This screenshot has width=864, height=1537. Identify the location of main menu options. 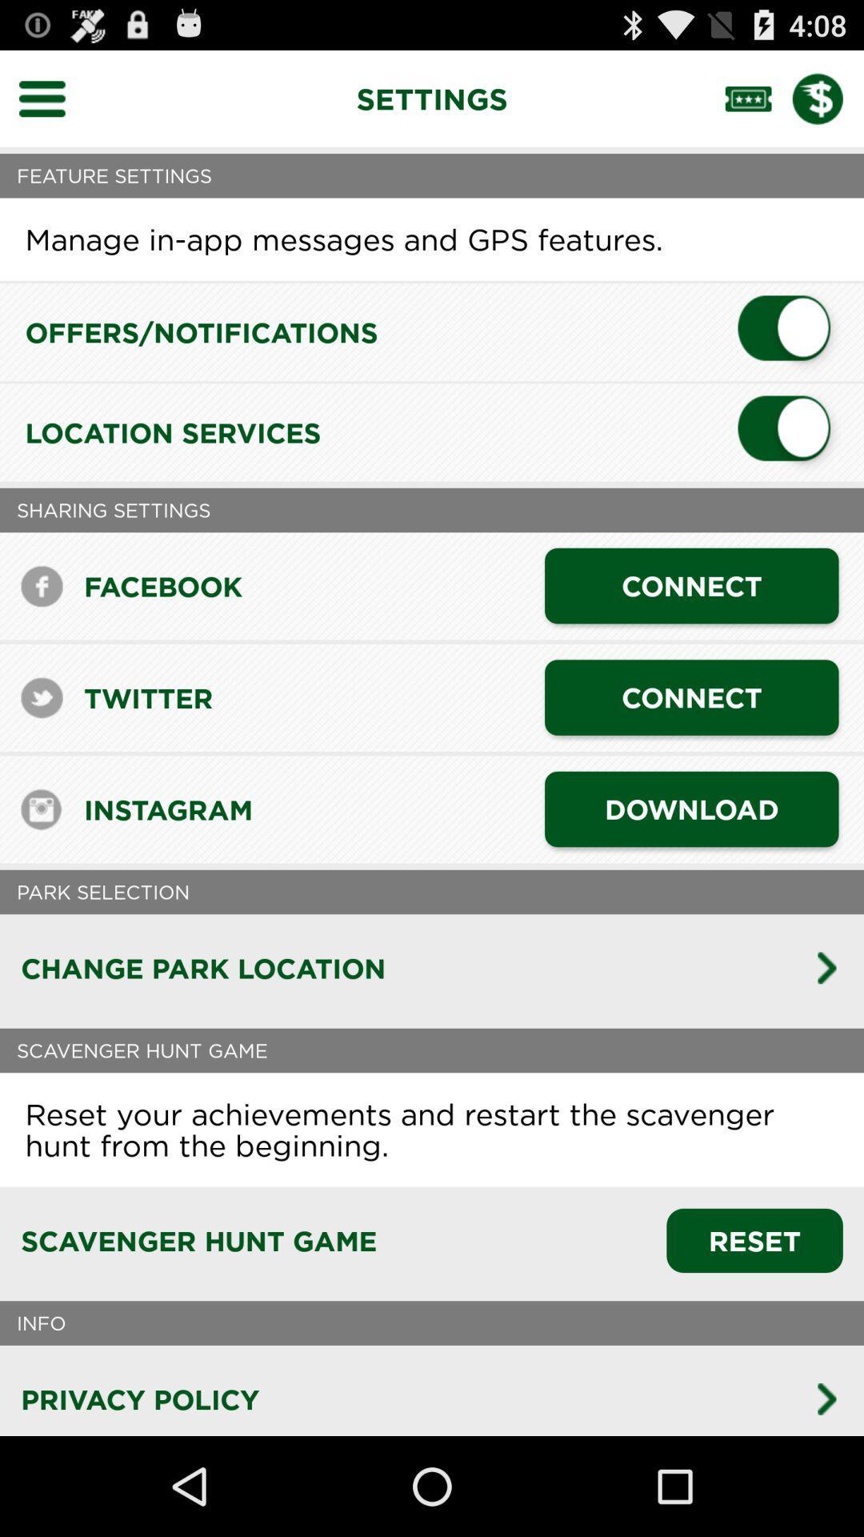
(51, 98).